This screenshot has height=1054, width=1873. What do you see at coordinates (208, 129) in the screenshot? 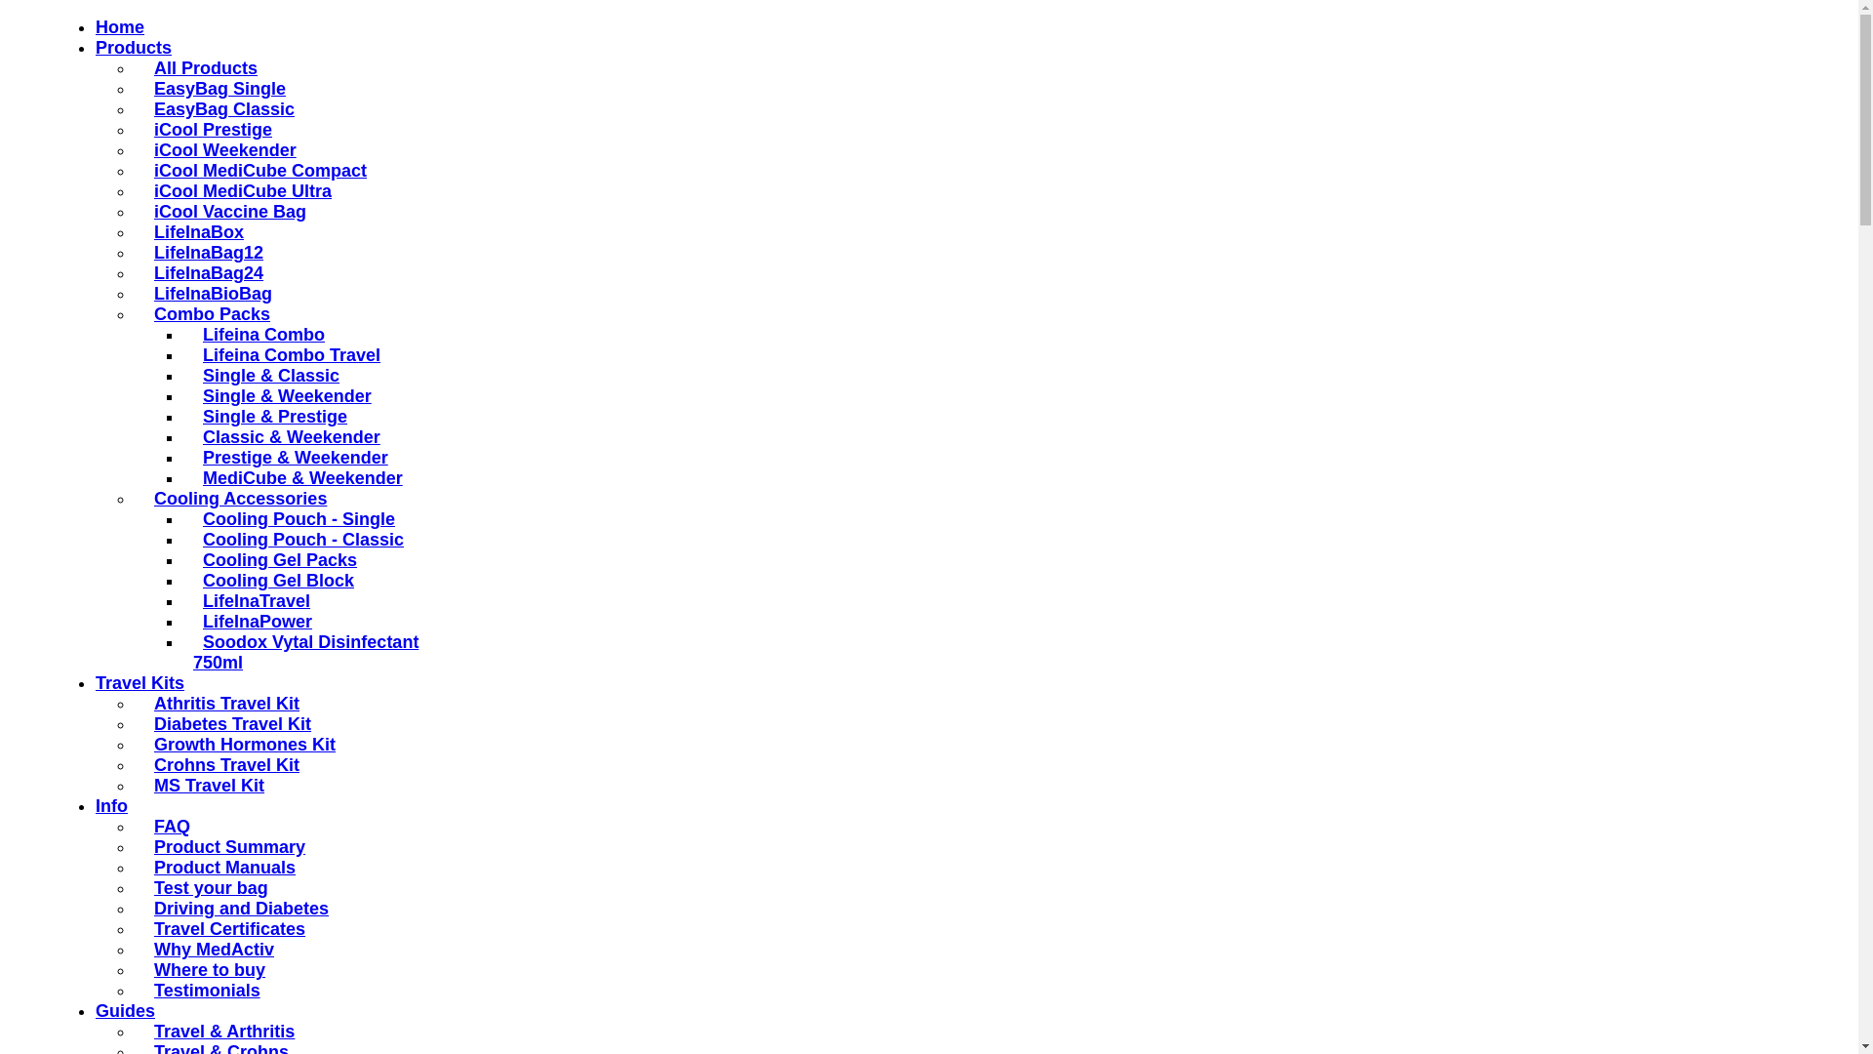
I see `'iCool Prestige'` at bounding box center [208, 129].